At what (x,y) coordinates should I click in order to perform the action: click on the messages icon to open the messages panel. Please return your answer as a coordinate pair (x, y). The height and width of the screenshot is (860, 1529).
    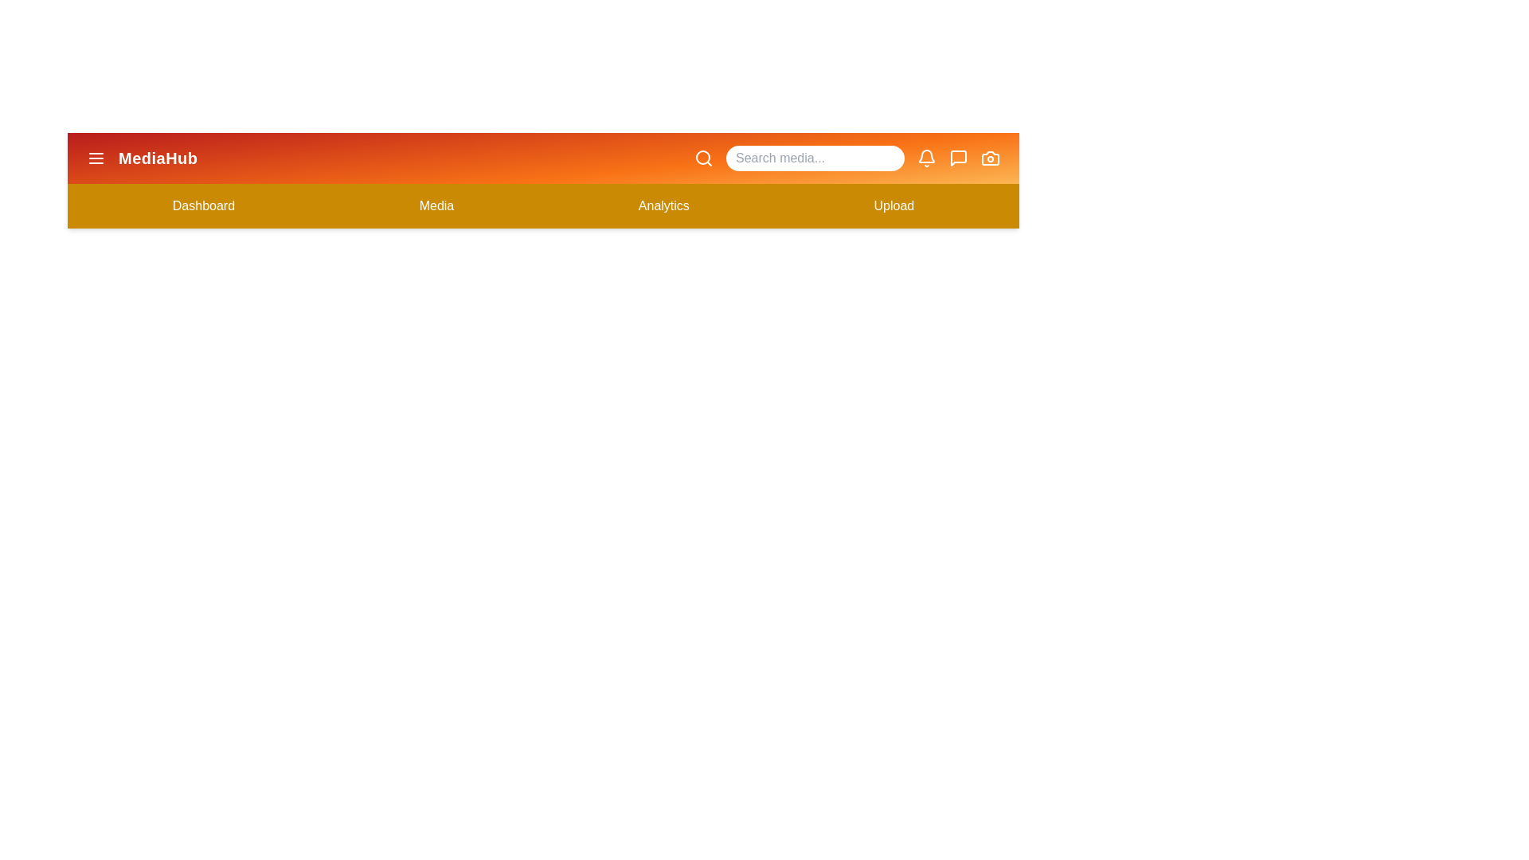
    Looking at the image, I should click on (958, 158).